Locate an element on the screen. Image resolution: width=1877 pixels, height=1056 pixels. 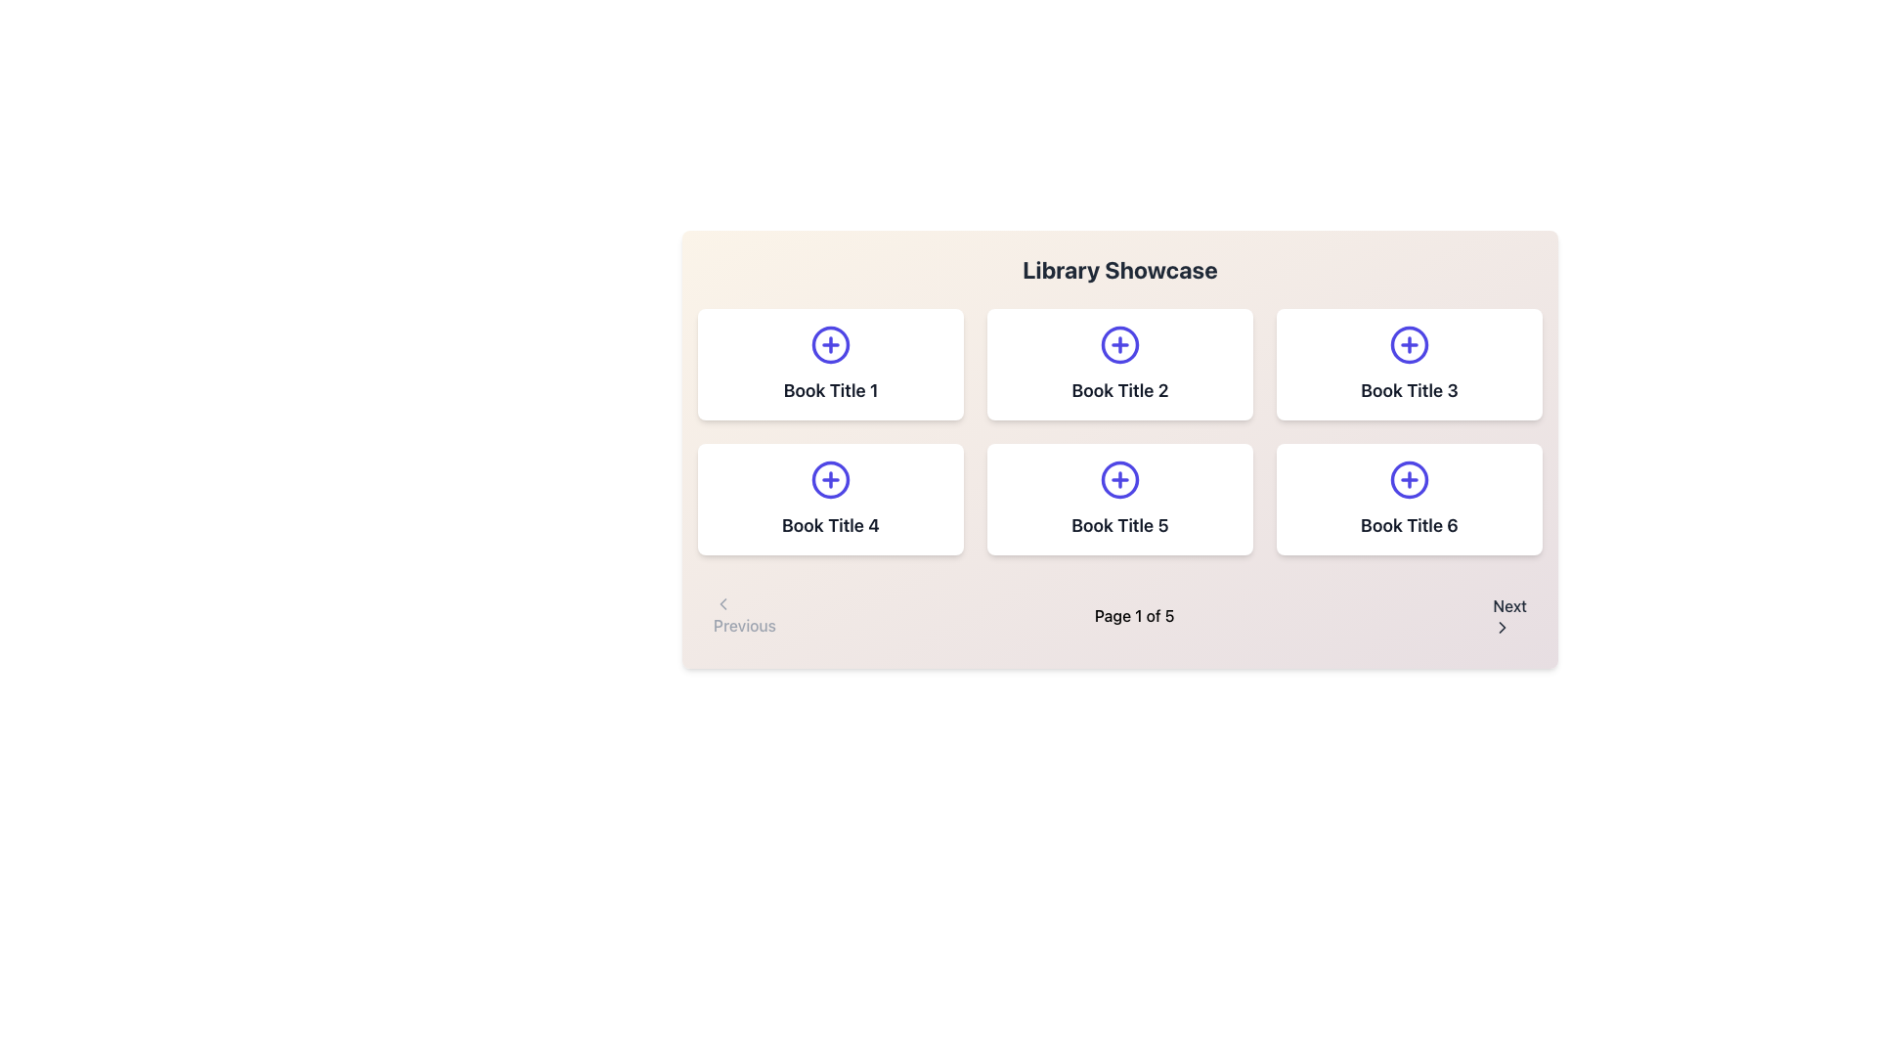
the static card displaying 'Book Title 6' with a plus sign icon, located at the bottom-right of the grid layout is located at coordinates (1409, 498).